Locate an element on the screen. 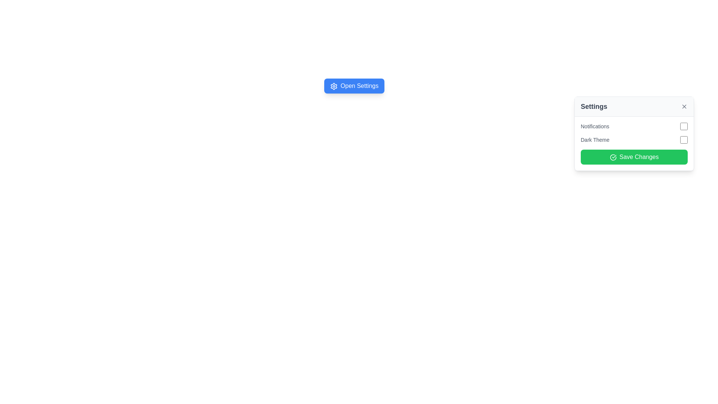 Image resolution: width=718 pixels, height=404 pixels. the checkbox for the 'Dark Theme' option in the settings panel is located at coordinates (684, 140).